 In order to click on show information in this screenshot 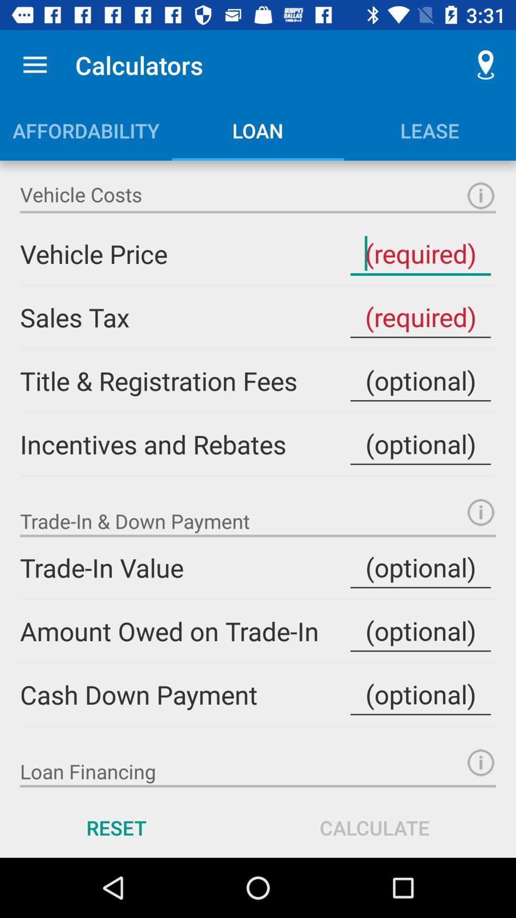, I will do `click(481, 762)`.